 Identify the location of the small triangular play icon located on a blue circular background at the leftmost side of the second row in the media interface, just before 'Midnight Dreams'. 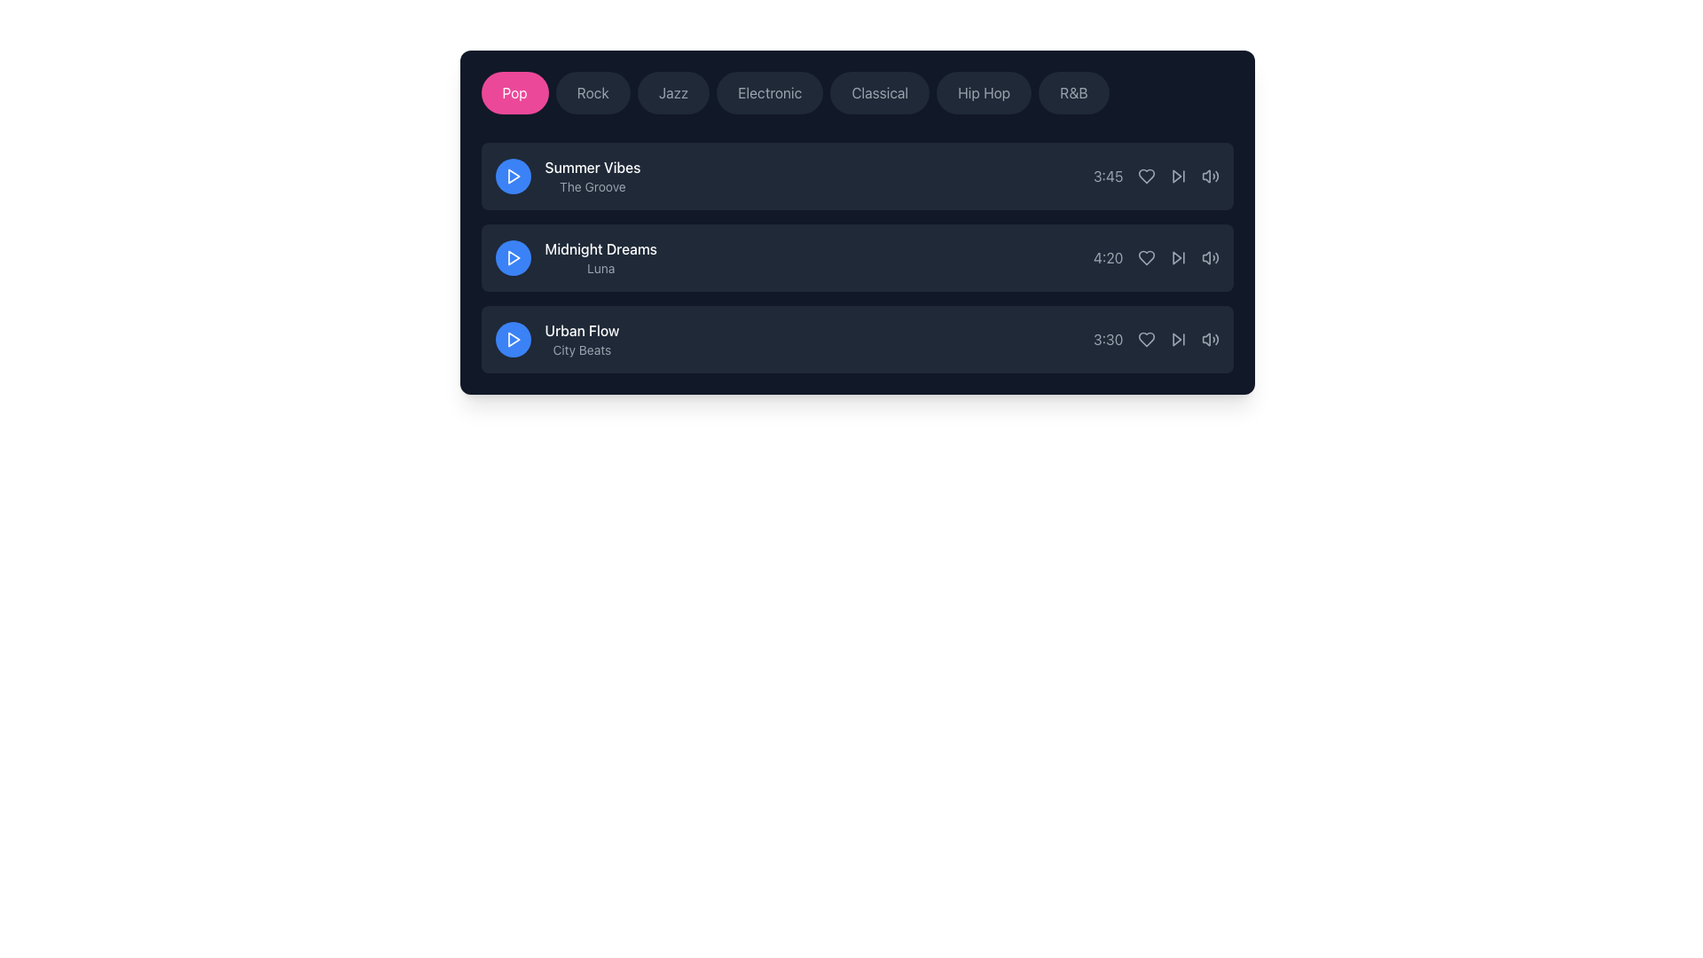
(512, 257).